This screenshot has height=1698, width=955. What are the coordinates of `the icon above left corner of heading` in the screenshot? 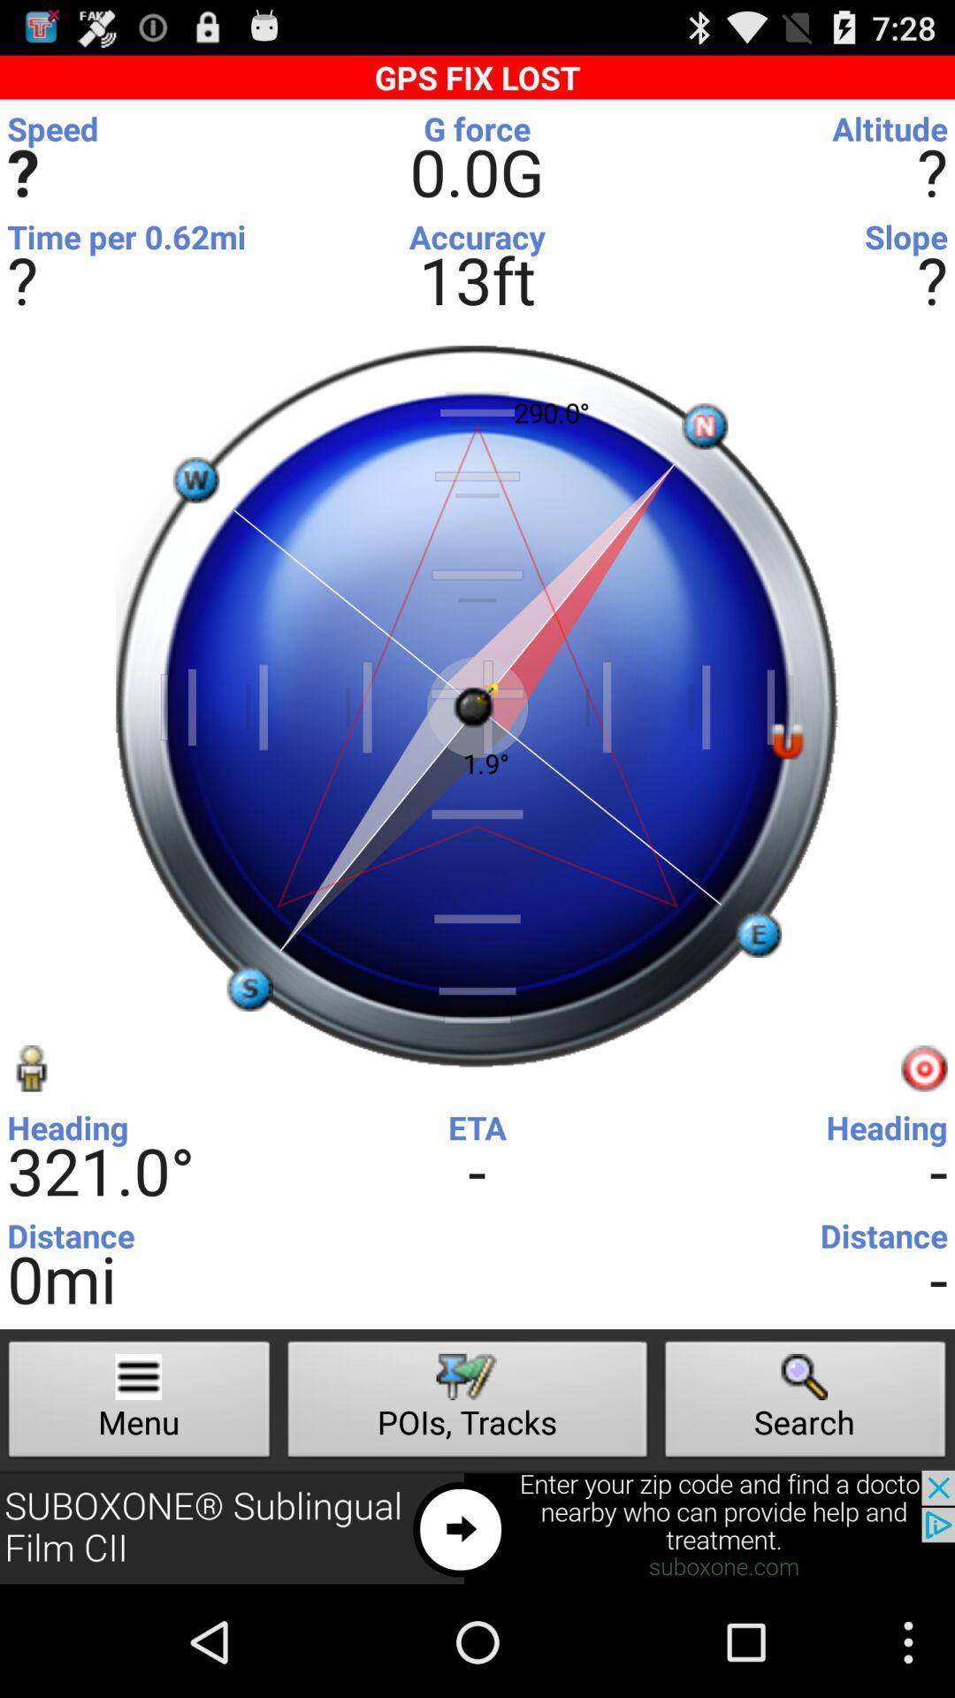 It's located at (30, 1067).